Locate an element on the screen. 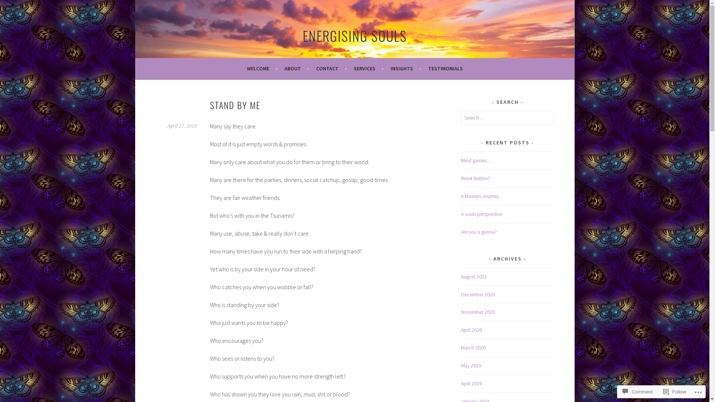 This screenshot has width=715, height=402. 'Reset Button?' is located at coordinates (475, 178).